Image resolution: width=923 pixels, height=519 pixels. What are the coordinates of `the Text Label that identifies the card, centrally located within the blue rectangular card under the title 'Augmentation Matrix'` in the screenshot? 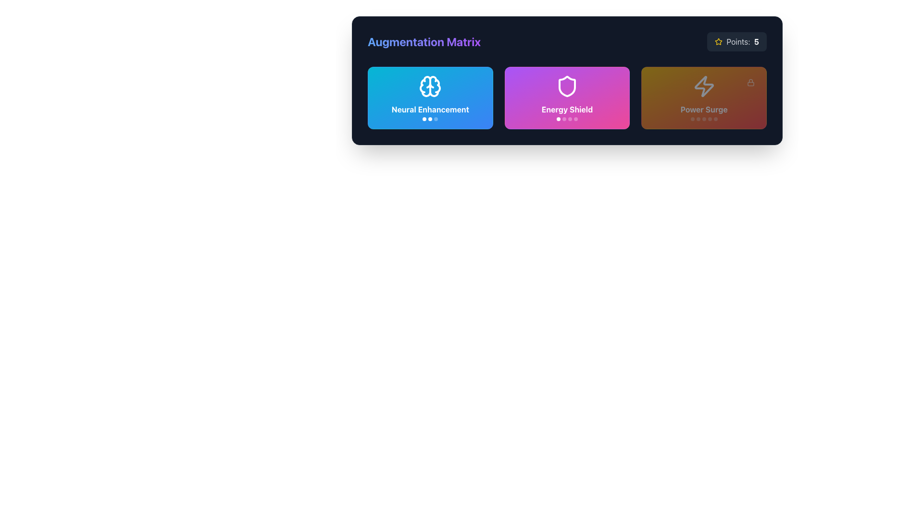 It's located at (430, 109).